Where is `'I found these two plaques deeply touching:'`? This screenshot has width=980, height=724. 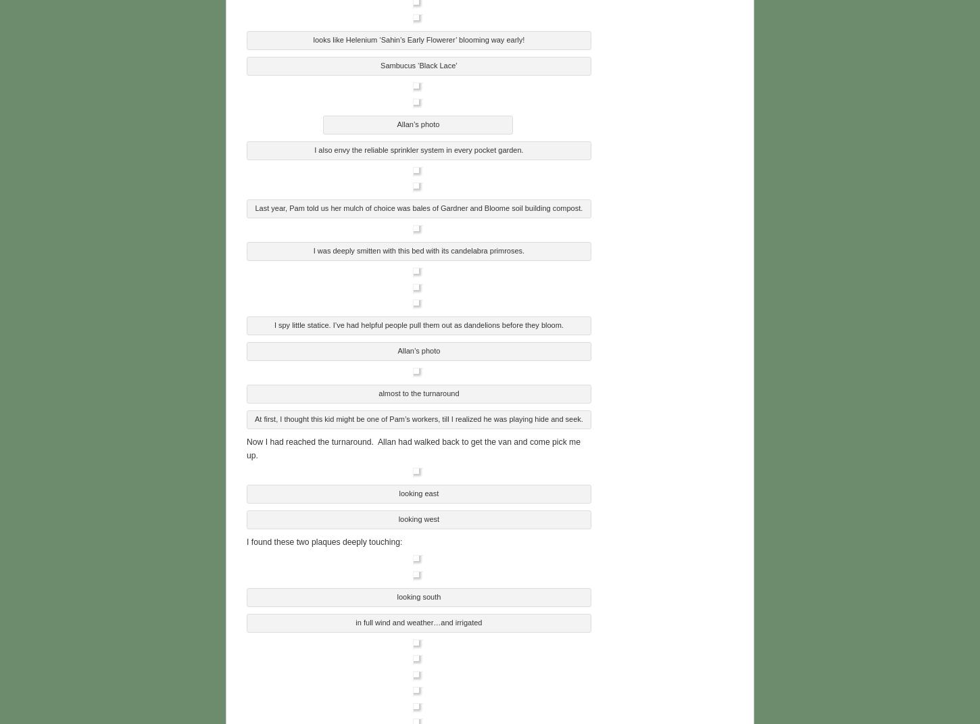
'I found these two plaques deeply touching:' is located at coordinates (323, 540).